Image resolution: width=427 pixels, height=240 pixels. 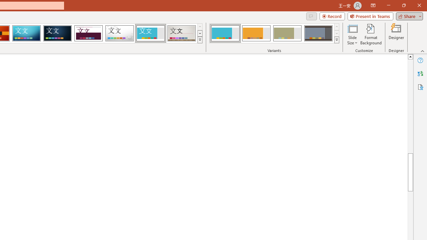 What do you see at coordinates (287, 33) in the screenshot?
I see `'Frame Variant 3'` at bounding box center [287, 33].